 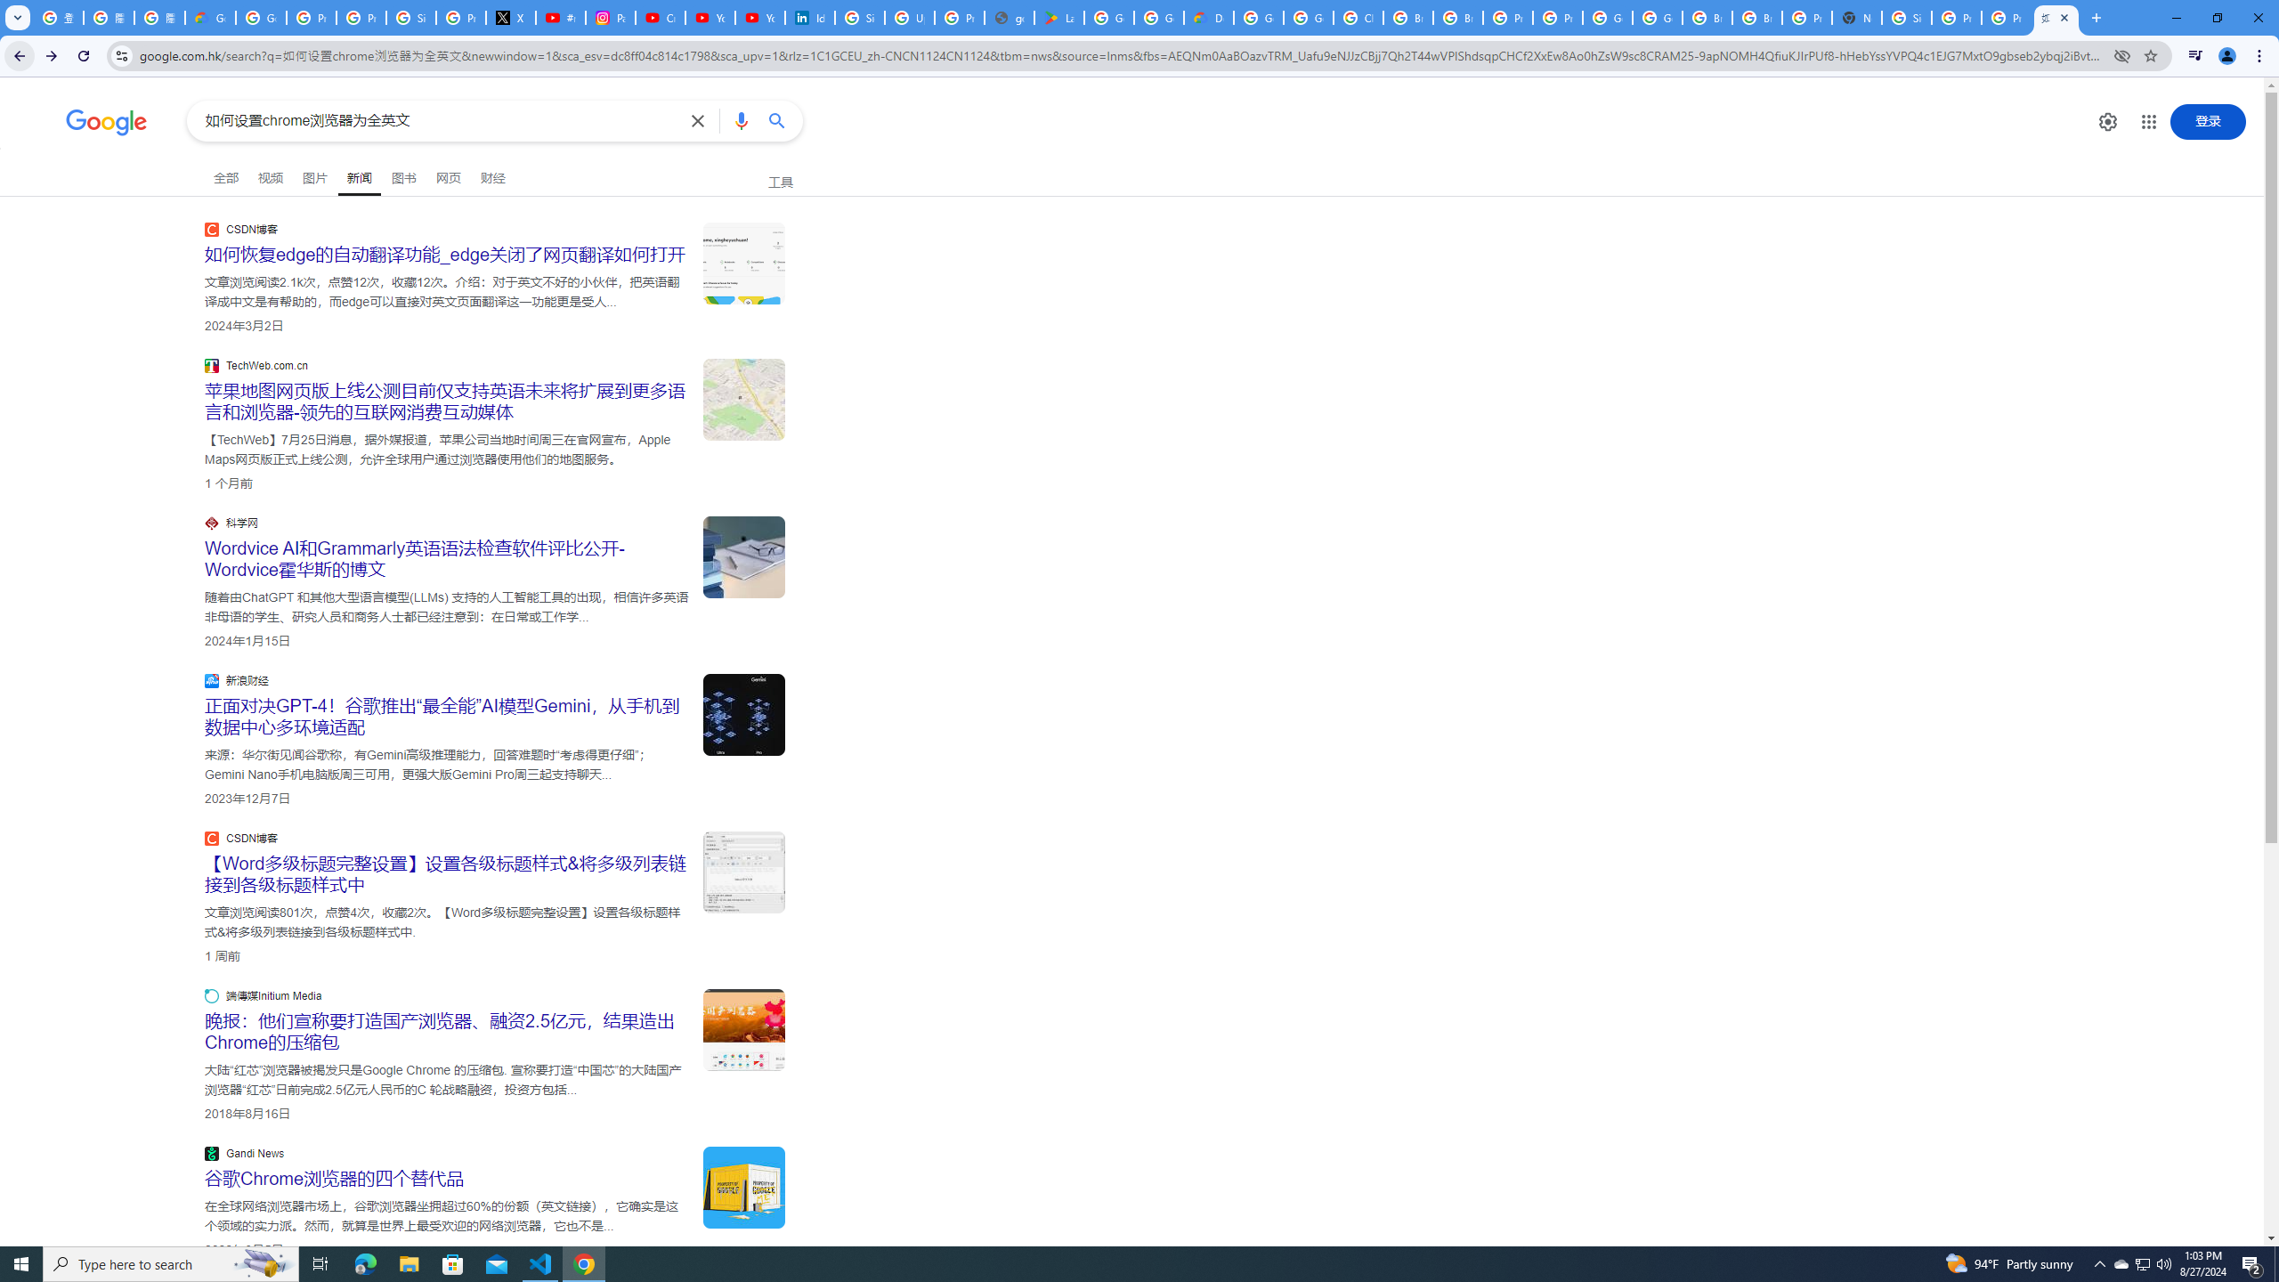 What do you see at coordinates (1905, 17) in the screenshot?
I see `'Sign in - Google Accounts'` at bounding box center [1905, 17].